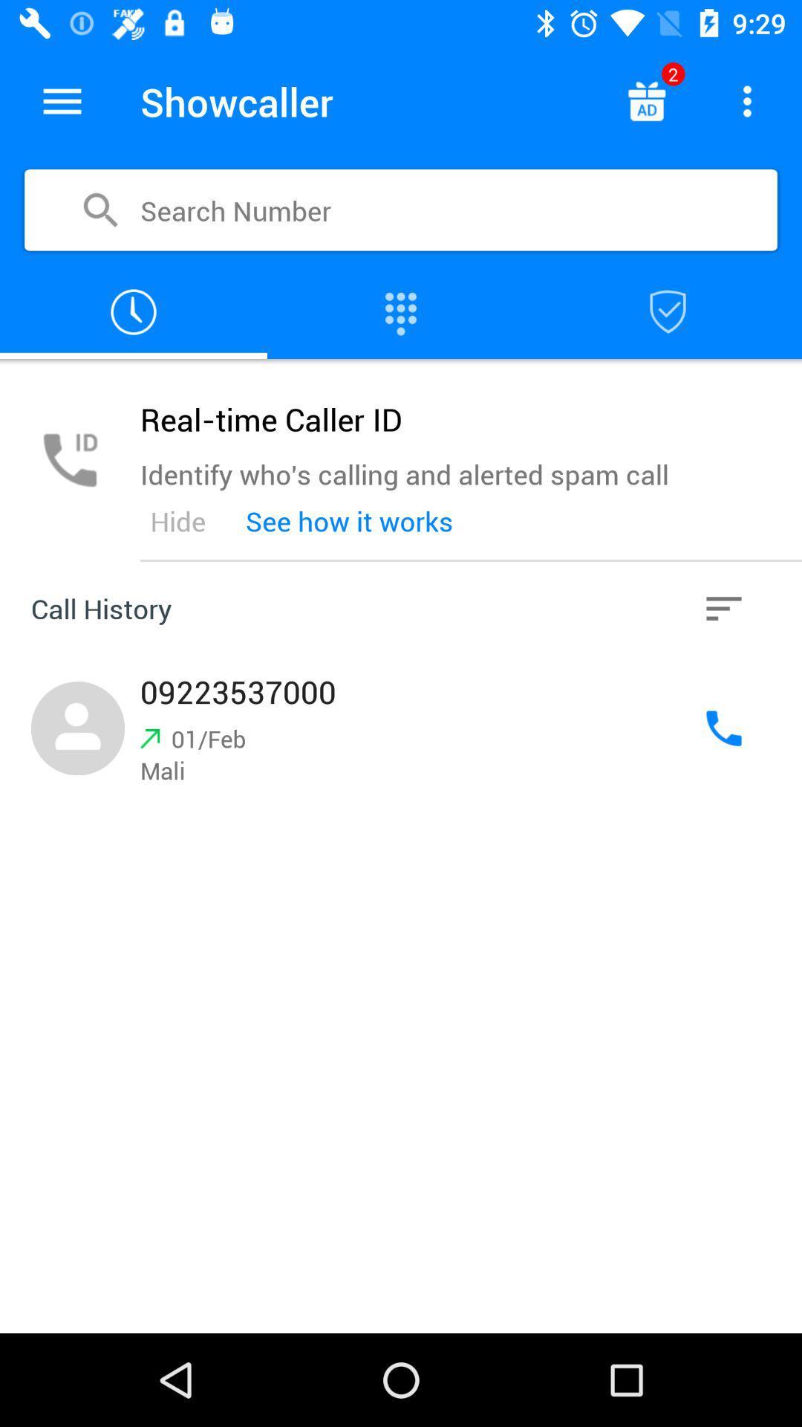 The width and height of the screenshot is (802, 1427). I want to click on item to the right of hide icon, so click(349, 521).